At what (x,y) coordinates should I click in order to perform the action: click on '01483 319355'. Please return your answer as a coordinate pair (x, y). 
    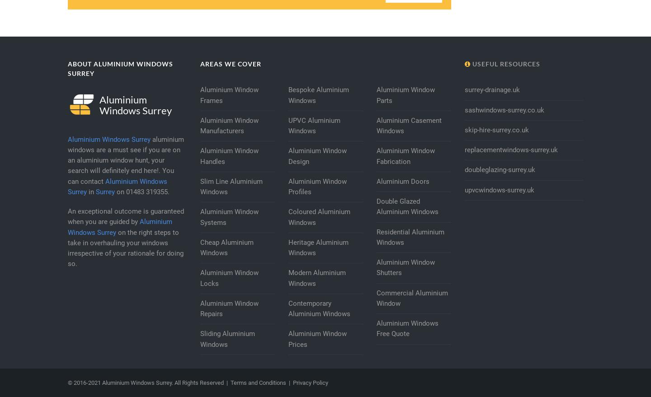
    Looking at the image, I should click on (147, 191).